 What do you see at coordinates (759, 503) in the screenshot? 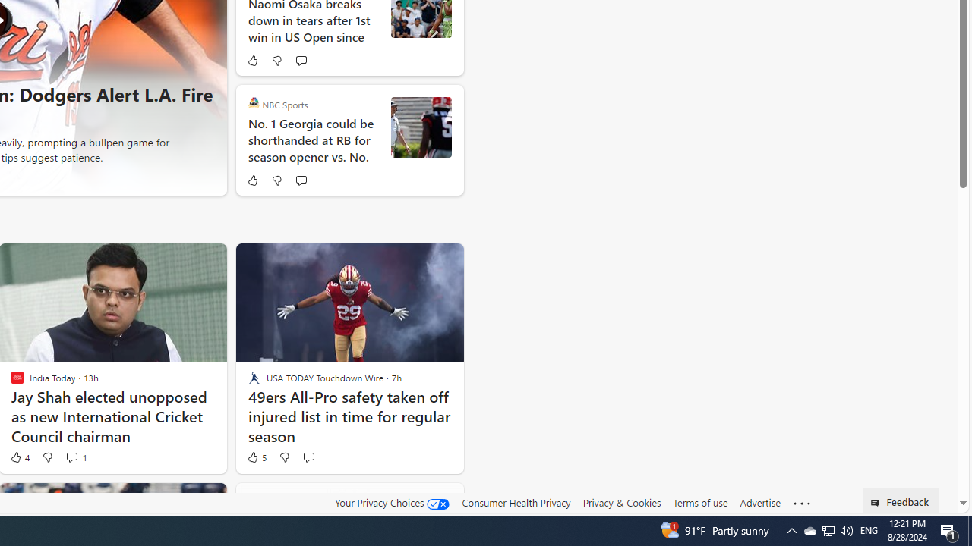
I see `'Advertise'` at bounding box center [759, 503].